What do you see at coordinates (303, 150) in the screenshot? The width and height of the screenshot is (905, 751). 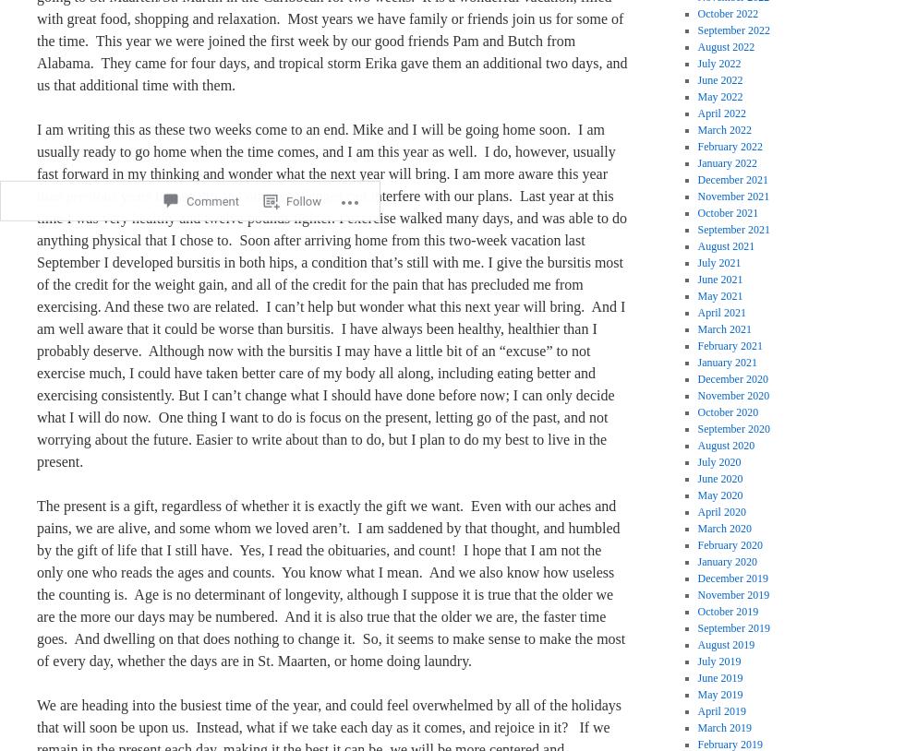 I see `'Follow'` at bounding box center [303, 150].